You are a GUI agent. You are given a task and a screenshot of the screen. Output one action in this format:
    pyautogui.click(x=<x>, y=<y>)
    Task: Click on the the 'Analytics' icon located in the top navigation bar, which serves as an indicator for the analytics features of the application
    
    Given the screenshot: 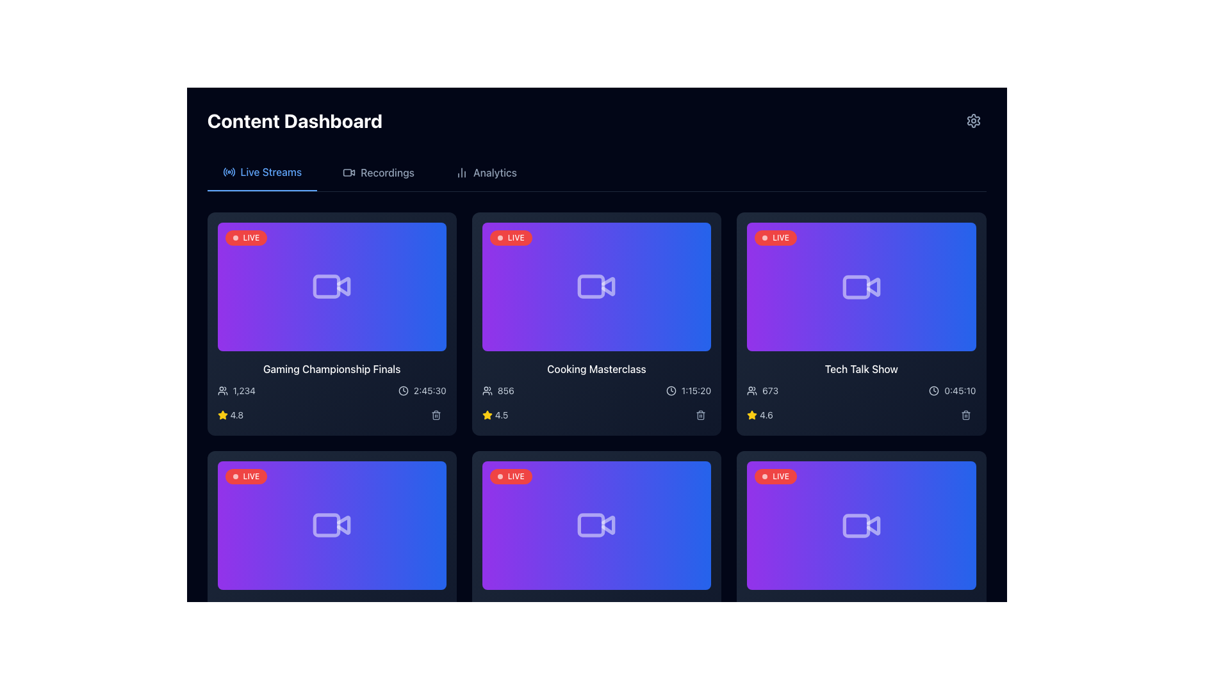 What is the action you would take?
    pyautogui.click(x=461, y=173)
    